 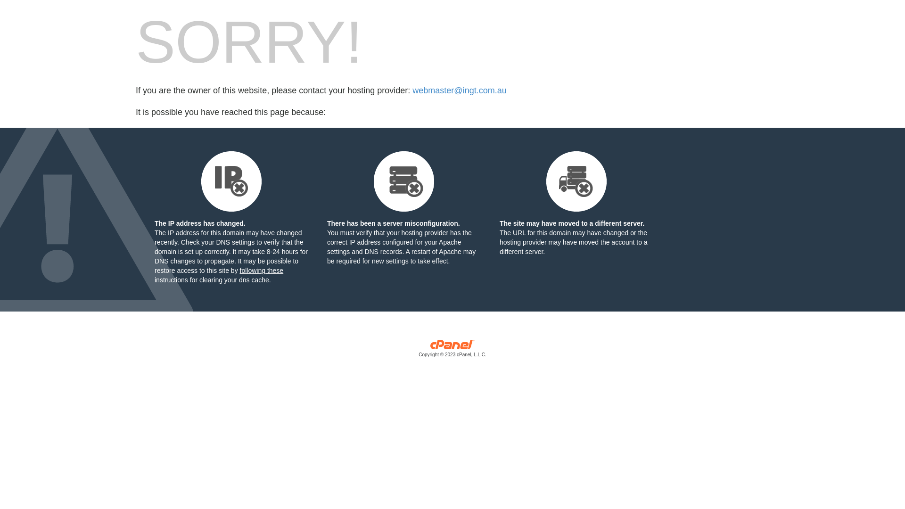 What do you see at coordinates (218, 275) in the screenshot?
I see `'following these instructions'` at bounding box center [218, 275].